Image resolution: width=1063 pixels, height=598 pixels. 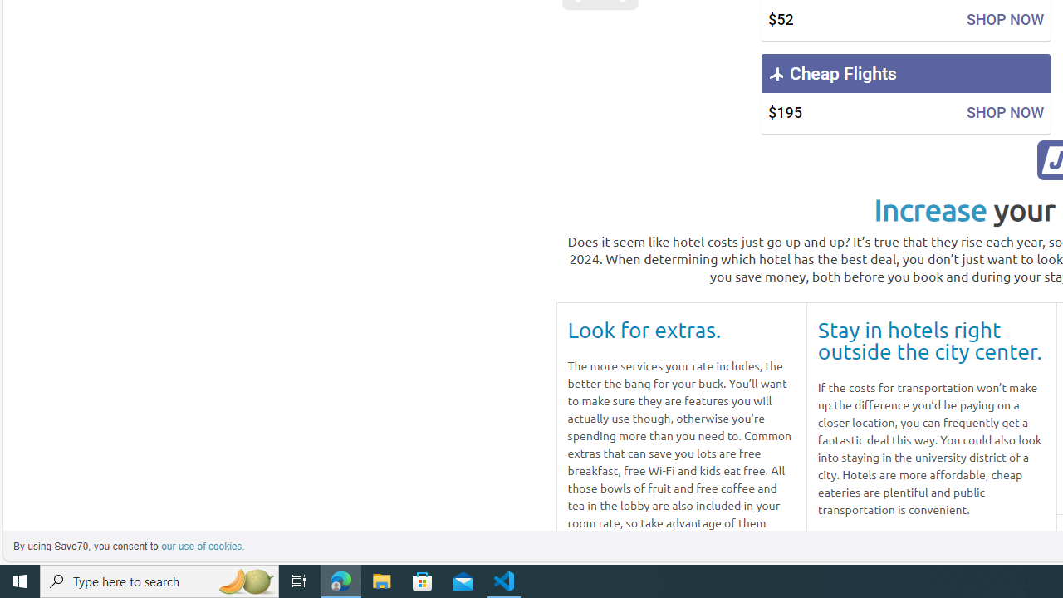 I want to click on 'Cheap Flights $195 SHOP NOW', so click(x=904, y=94).